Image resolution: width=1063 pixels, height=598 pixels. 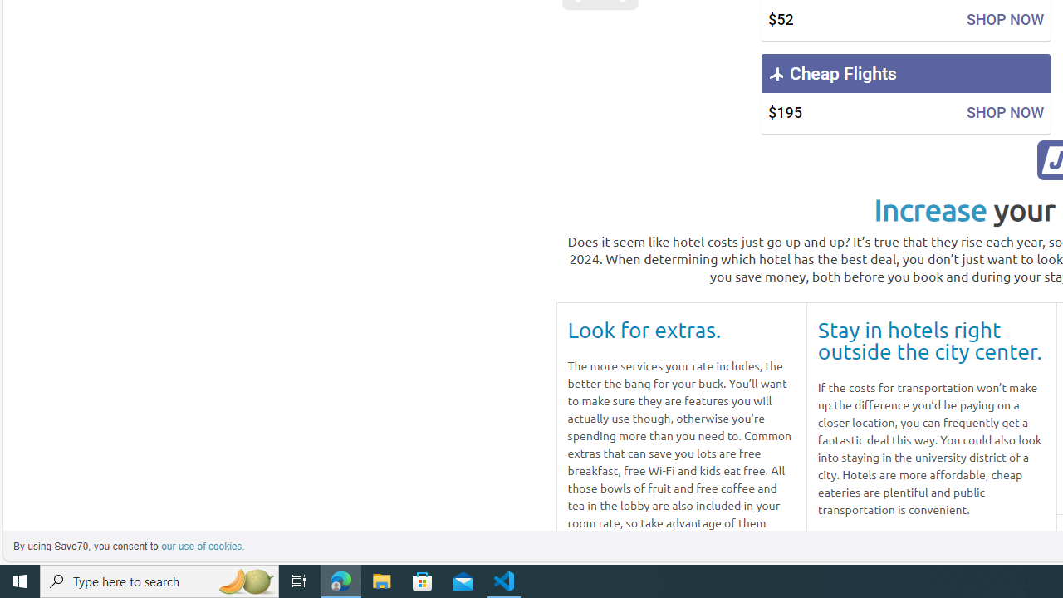 I want to click on 'Cheap Flights $195 SHOP NOW', so click(x=904, y=94).